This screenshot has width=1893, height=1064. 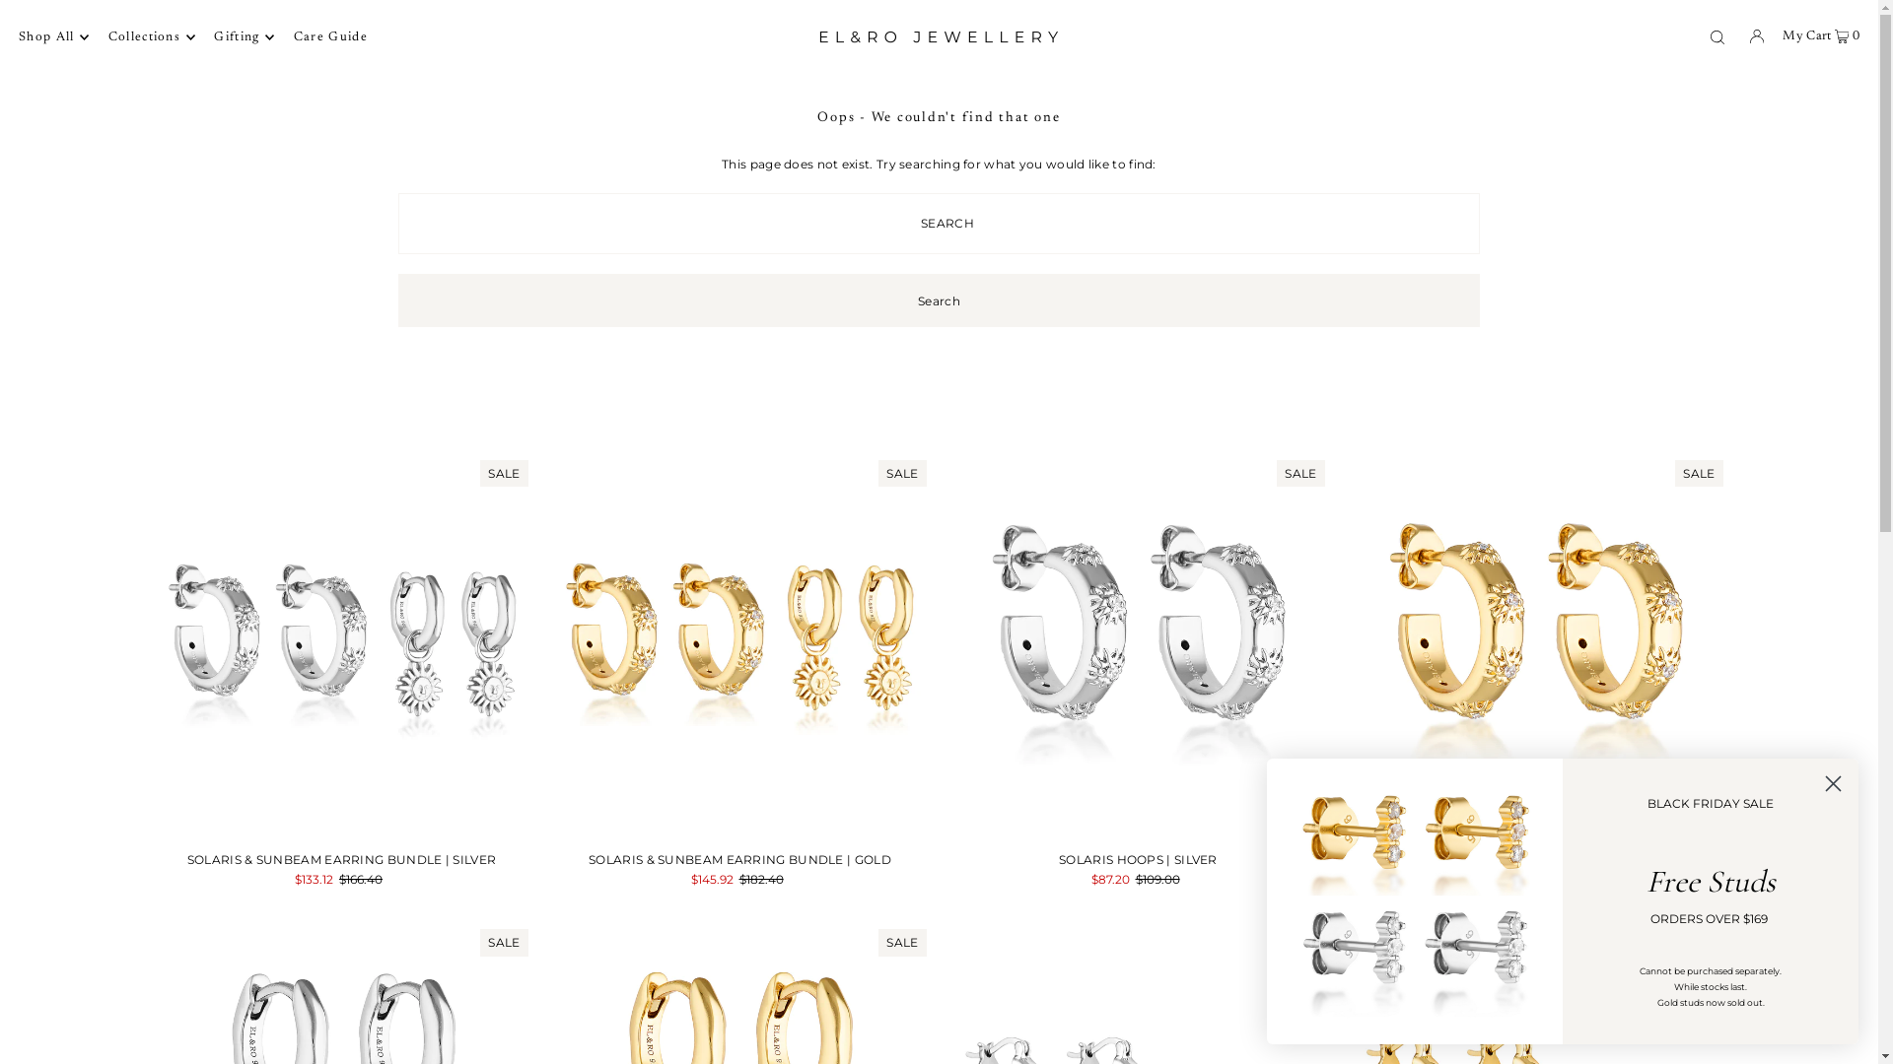 I want to click on 'Shop All', so click(x=53, y=36).